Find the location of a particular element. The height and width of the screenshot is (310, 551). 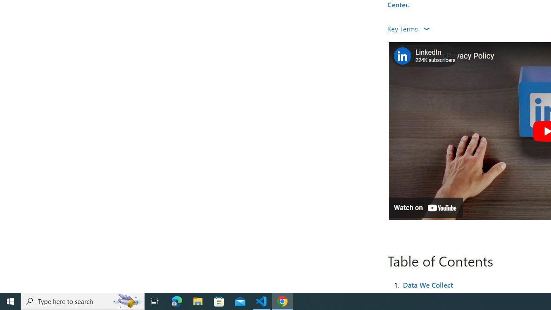

'Watch on YouTube' is located at coordinates (425, 208).